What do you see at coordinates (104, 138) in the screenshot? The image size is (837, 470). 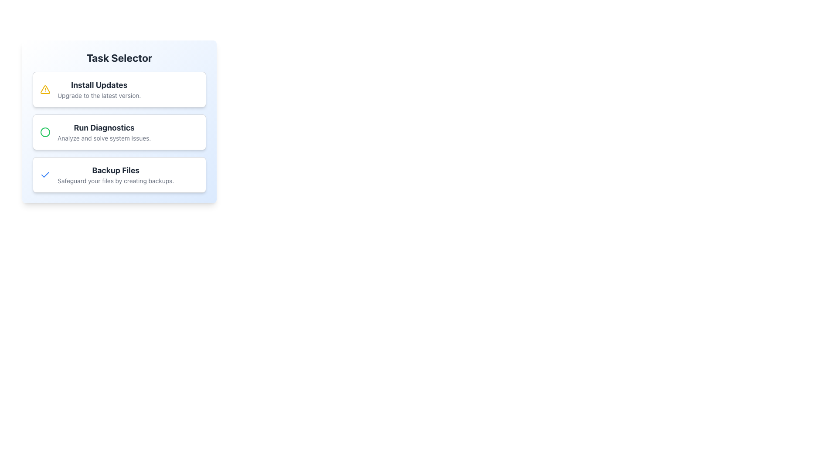 I see `the text label that reads 'Analyze and solve system issues.' located under the heading 'Run Diagnostics.'` at bounding box center [104, 138].